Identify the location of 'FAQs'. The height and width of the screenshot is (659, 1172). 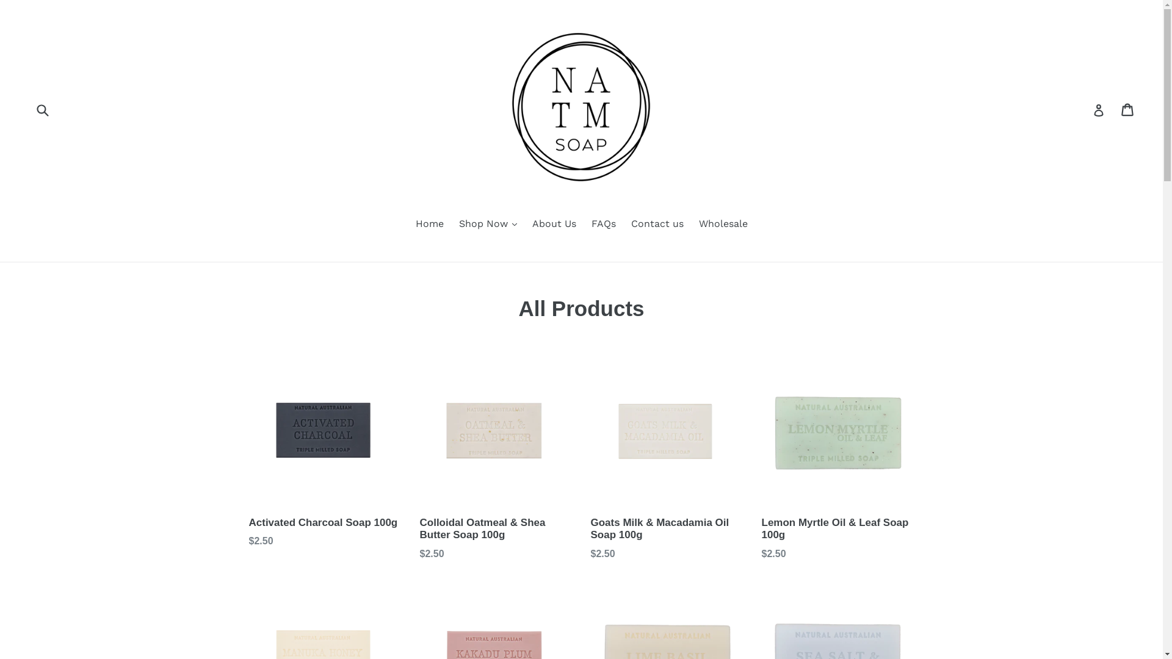
(584, 225).